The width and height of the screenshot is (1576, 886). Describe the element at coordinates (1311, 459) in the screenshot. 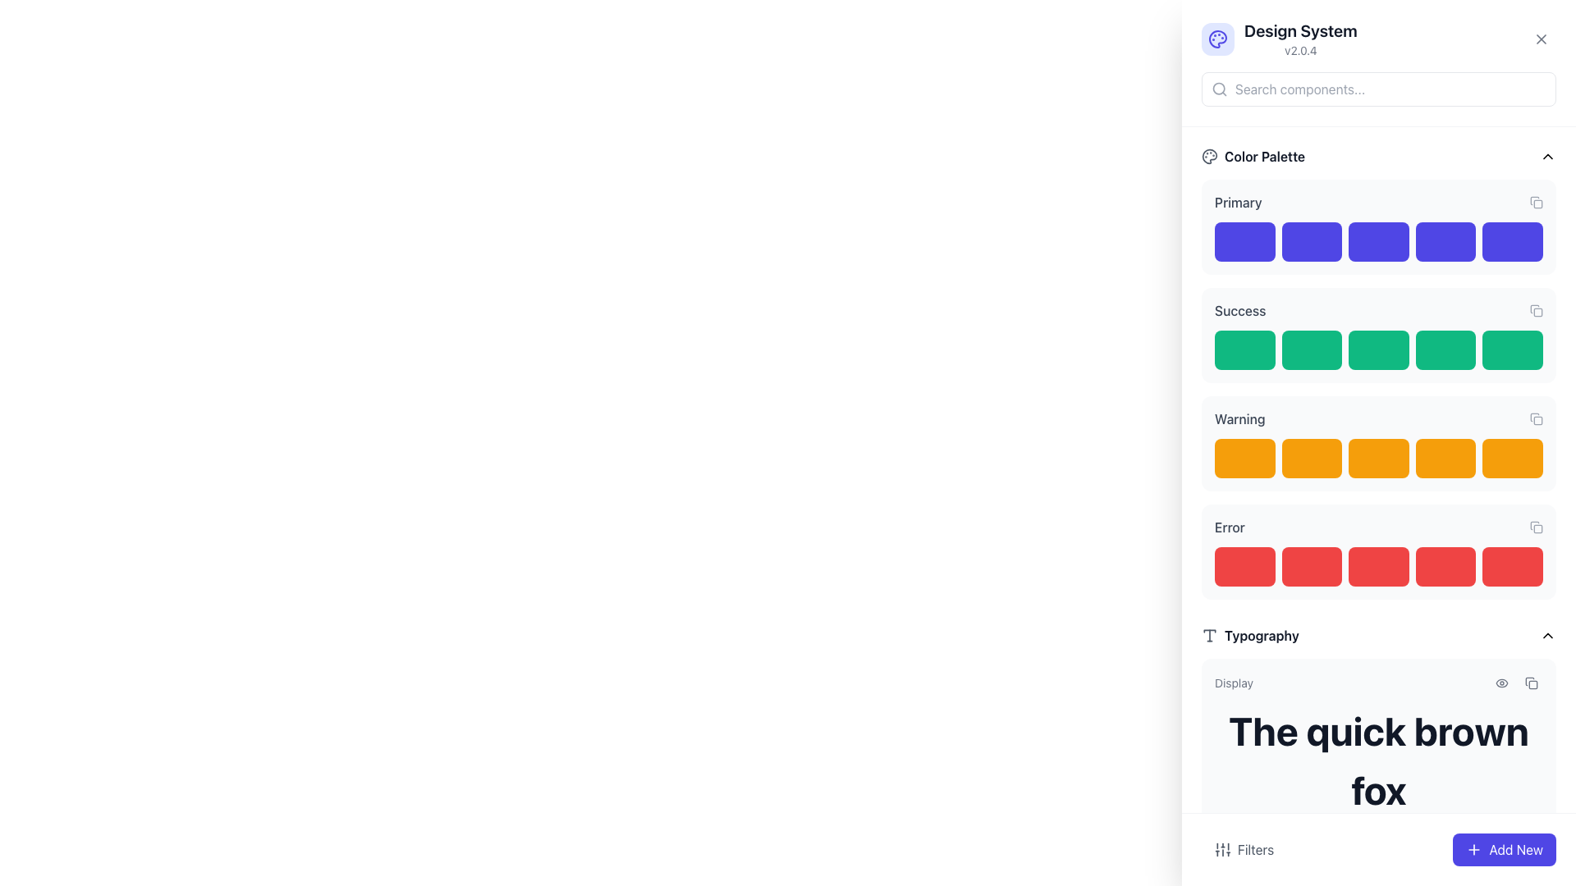

I see `the second rectangular button-like Color palette option with an orange background in the 'Warning' section of the 'Color Palette'` at that location.